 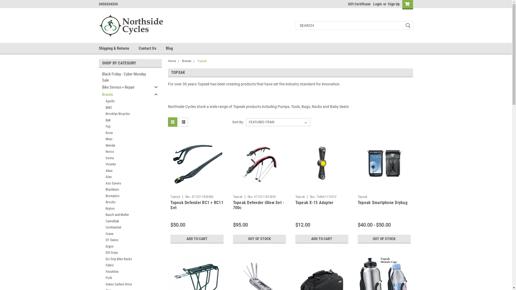 What do you see at coordinates (125, 139) in the screenshot?
I see `'Masi'` at bounding box center [125, 139].